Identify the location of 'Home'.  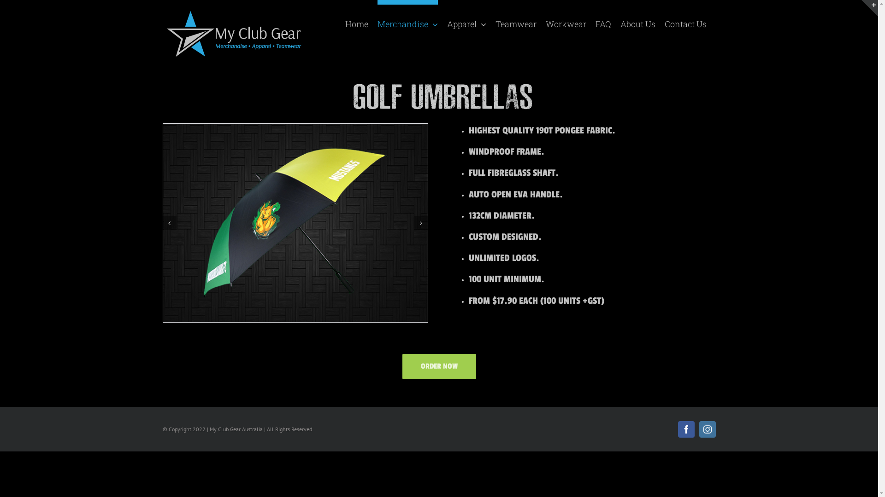
(355, 21).